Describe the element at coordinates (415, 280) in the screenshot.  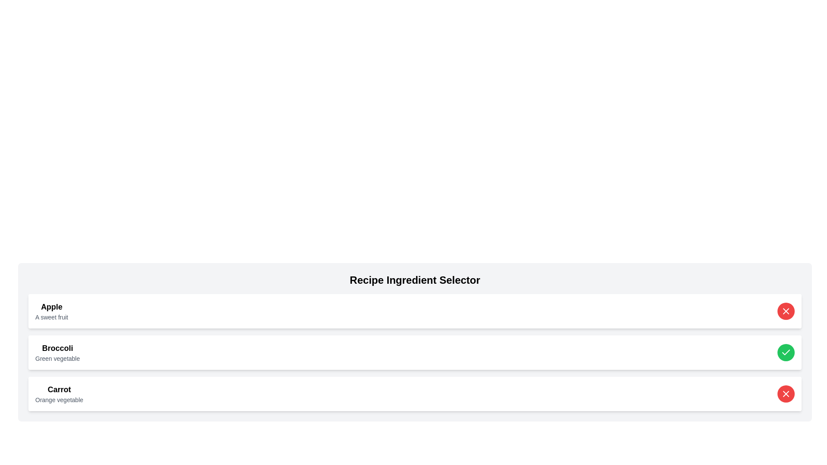
I see `the header text element 'Recipe Ingredient Selector', which is a bold, large-sized title centrally aligned at the top of the panel` at that location.